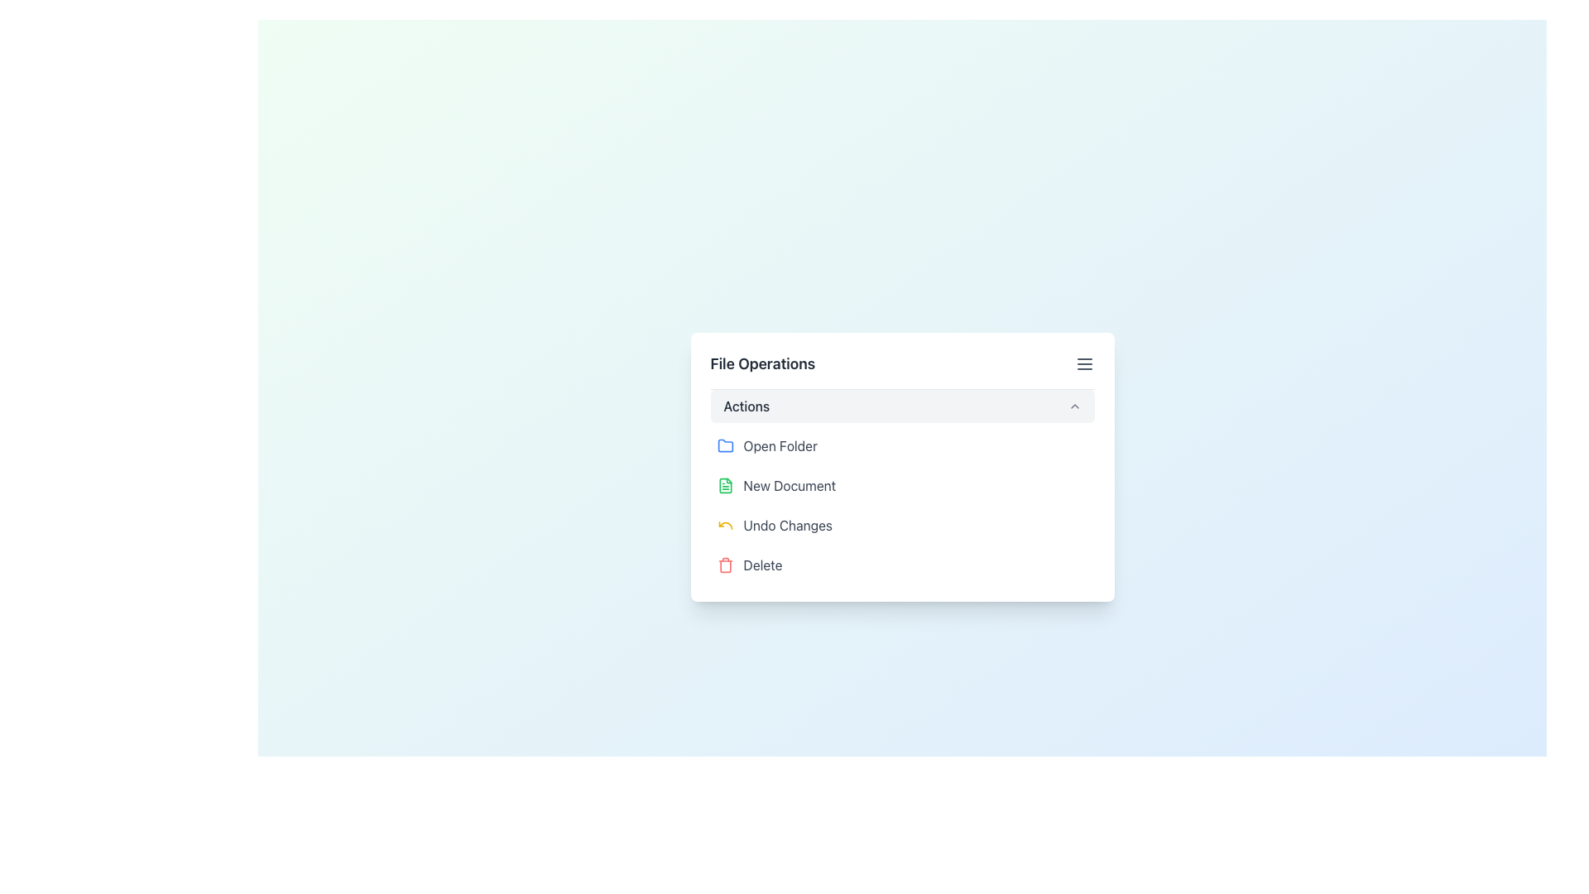 This screenshot has width=1589, height=894. Describe the element at coordinates (725, 564) in the screenshot. I see `the delete action icon located at the bottom of the 'File Operations' popup menu, adjacent to the 'Delete' text label, to initiate the delete action` at that location.